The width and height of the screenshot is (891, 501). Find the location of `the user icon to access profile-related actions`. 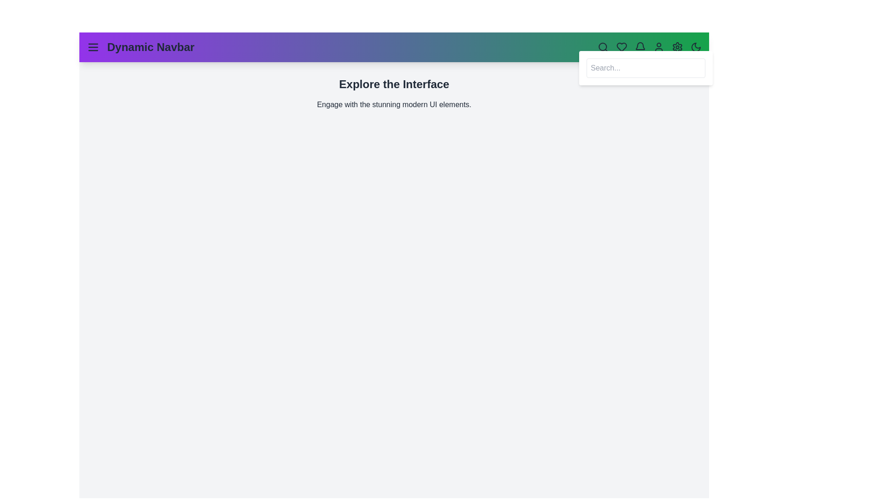

the user icon to access profile-related actions is located at coordinates (659, 47).